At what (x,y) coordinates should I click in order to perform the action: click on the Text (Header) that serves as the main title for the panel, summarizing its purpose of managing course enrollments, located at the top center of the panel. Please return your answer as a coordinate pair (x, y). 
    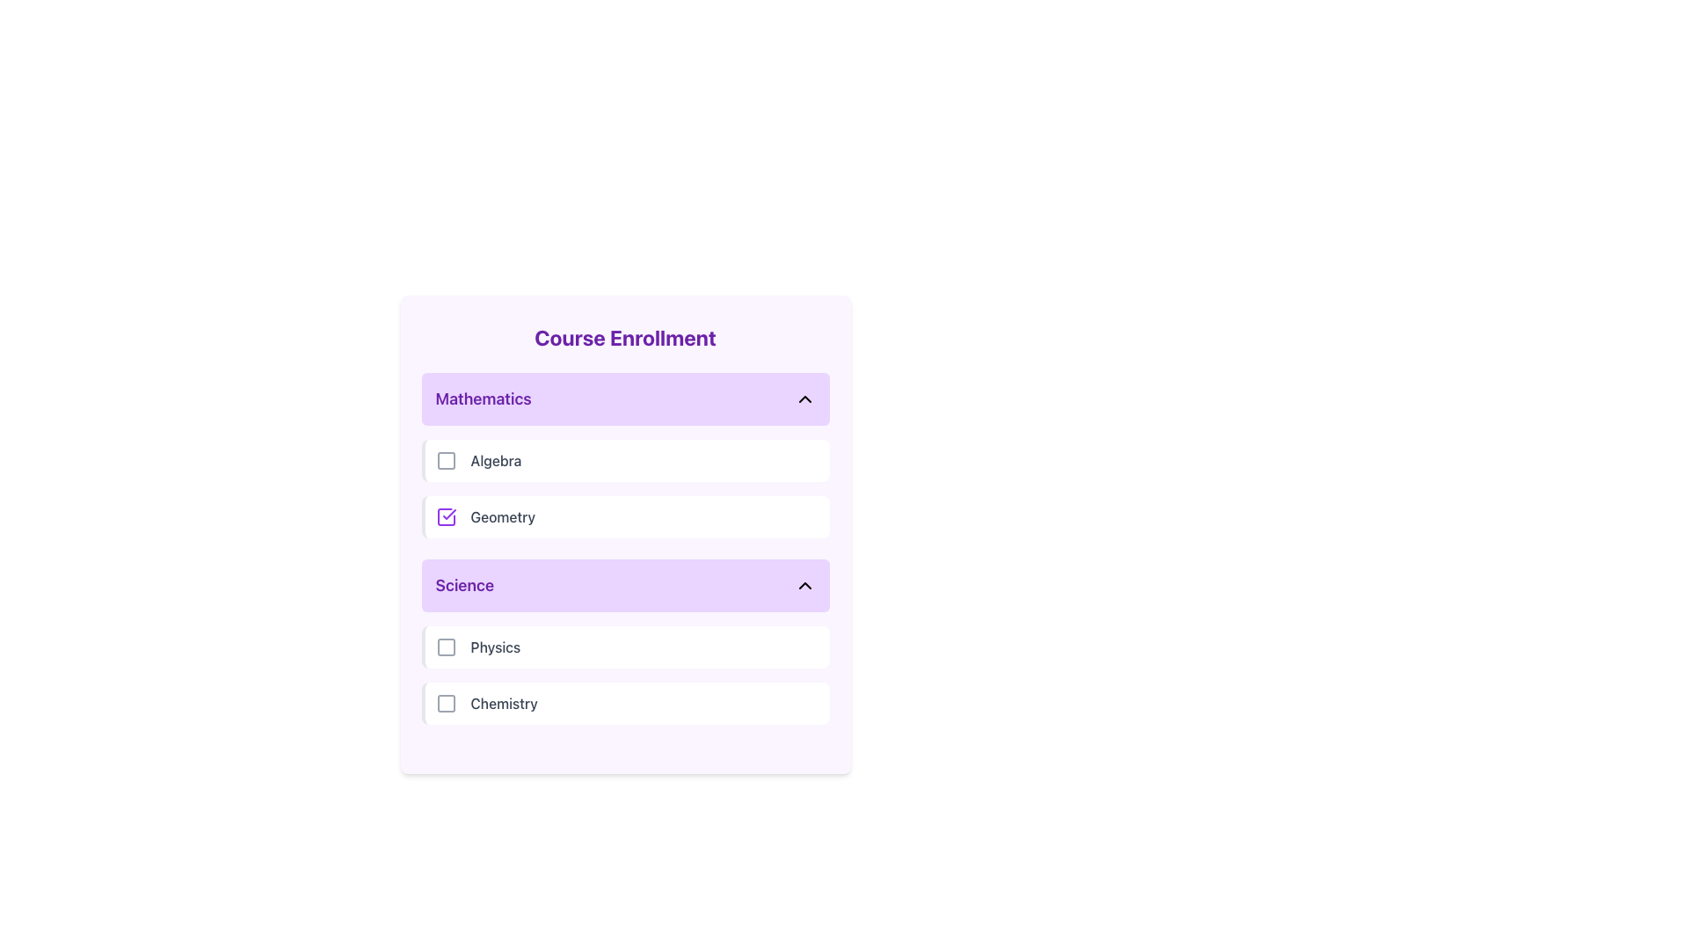
    Looking at the image, I should click on (625, 338).